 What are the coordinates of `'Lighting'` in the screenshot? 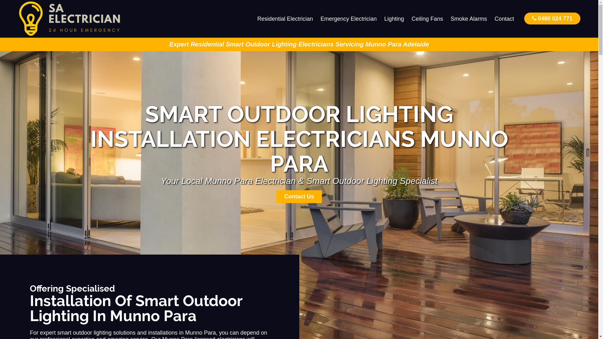 It's located at (380, 19).